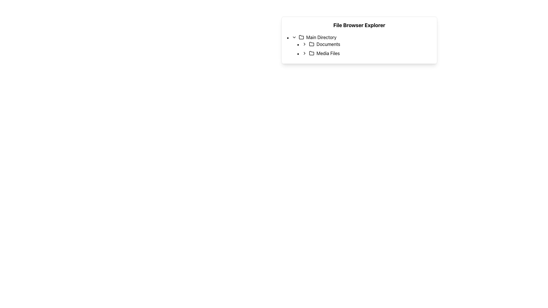  I want to click on the folder icon located to the left of the 'Media Files' label to interact with it, so click(311, 53).